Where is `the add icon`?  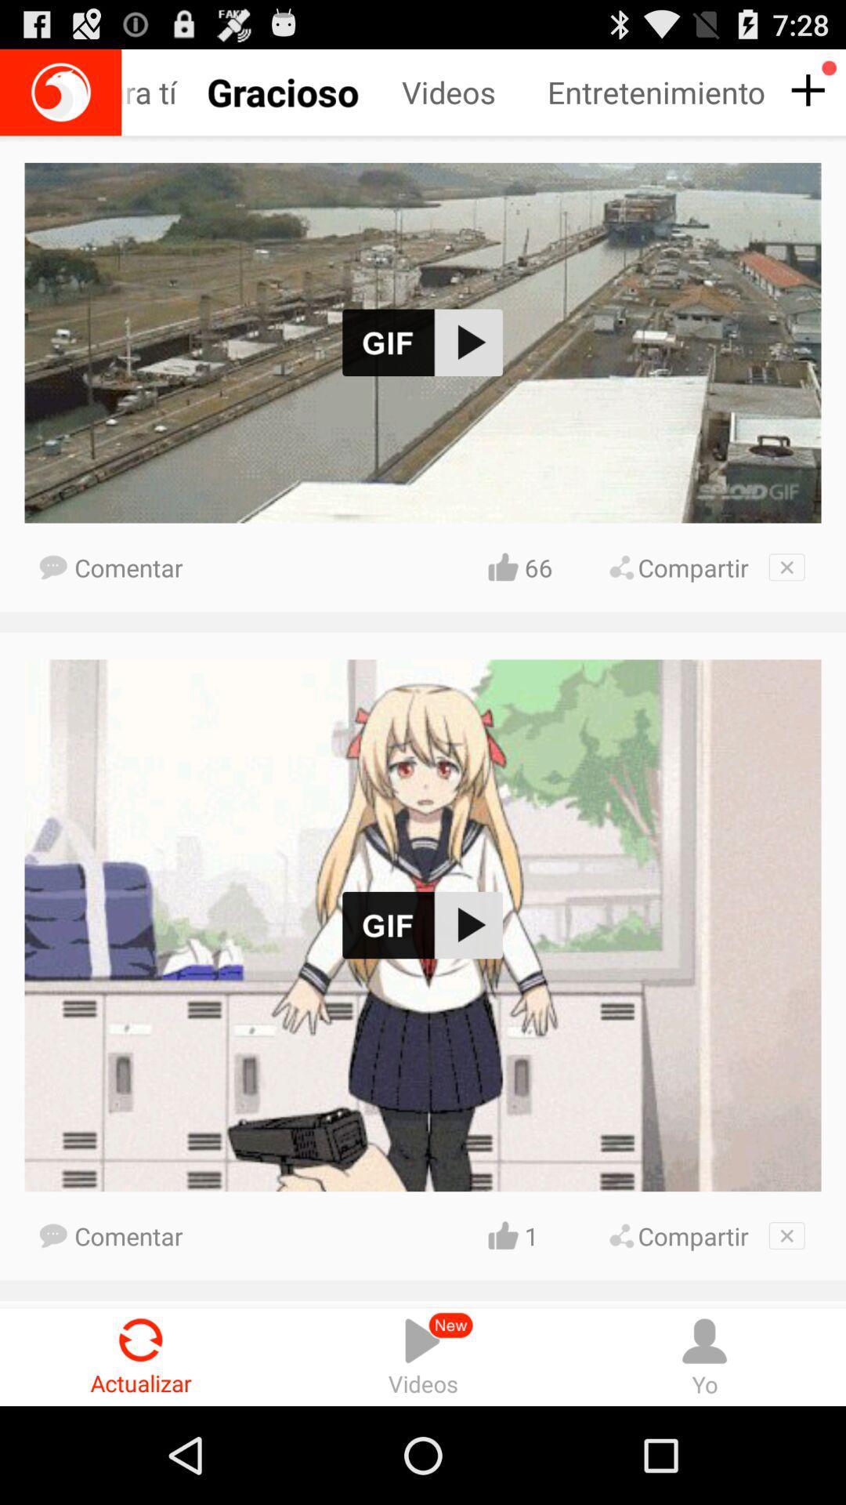 the add icon is located at coordinates (805, 96).